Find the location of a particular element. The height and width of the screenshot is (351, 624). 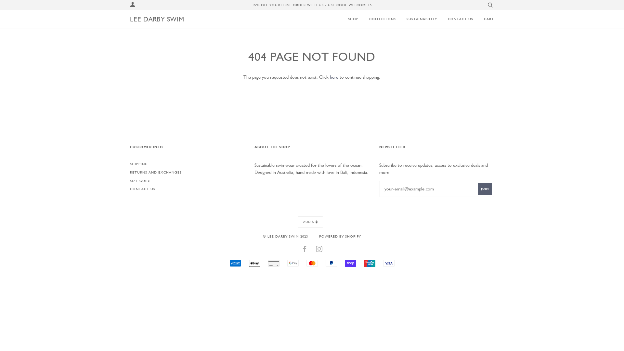

'here' is located at coordinates (334, 76).